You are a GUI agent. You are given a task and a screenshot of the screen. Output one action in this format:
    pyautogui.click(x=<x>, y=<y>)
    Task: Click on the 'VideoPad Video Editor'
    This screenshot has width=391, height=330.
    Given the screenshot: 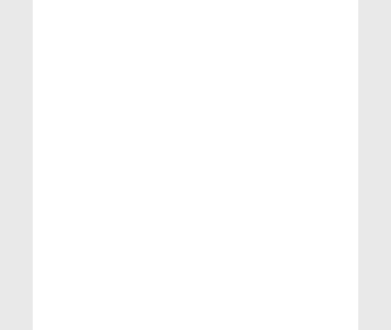 What is the action you would take?
    pyautogui.click(x=302, y=268)
    